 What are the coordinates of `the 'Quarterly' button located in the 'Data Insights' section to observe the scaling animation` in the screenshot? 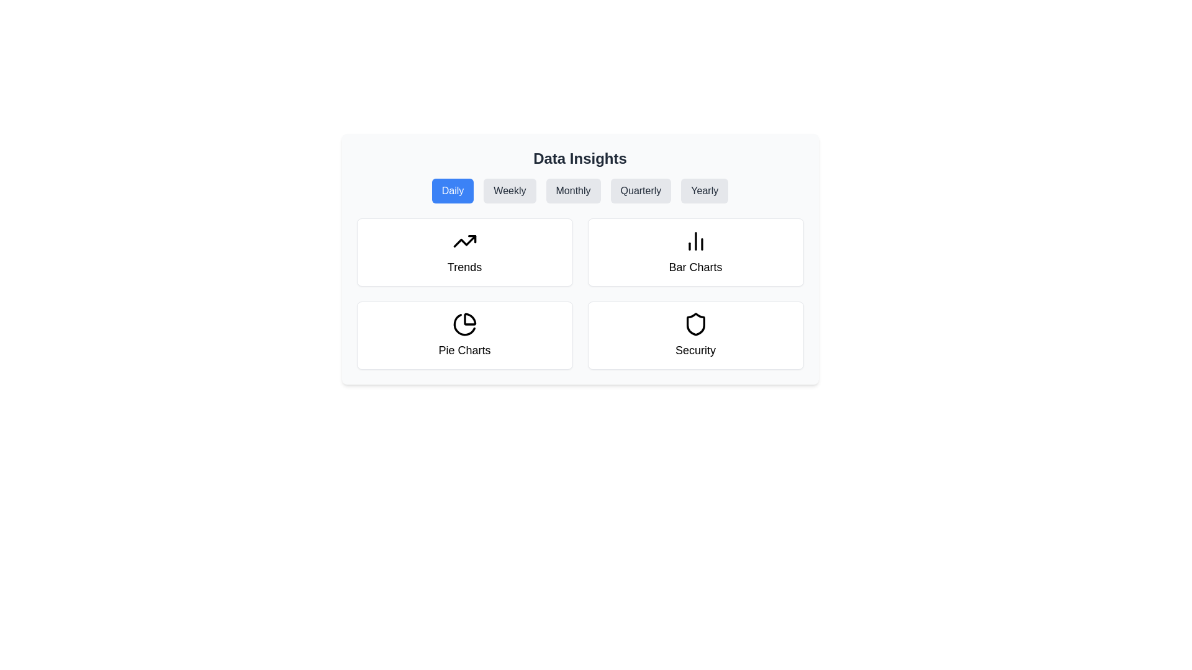 It's located at (641, 191).